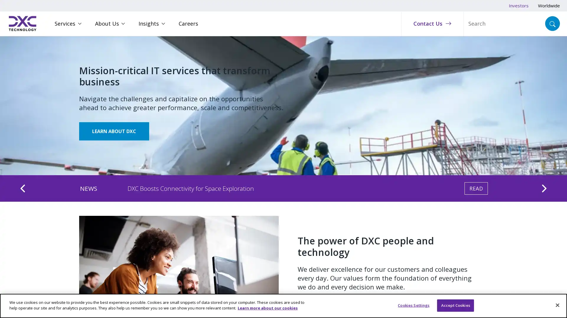 Image resolution: width=567 pixels, height=318 pixels. What do you see at coordinates (455, 305) in the screenshot?
I see `Accept Cookies` at bounding box center [455, 305].